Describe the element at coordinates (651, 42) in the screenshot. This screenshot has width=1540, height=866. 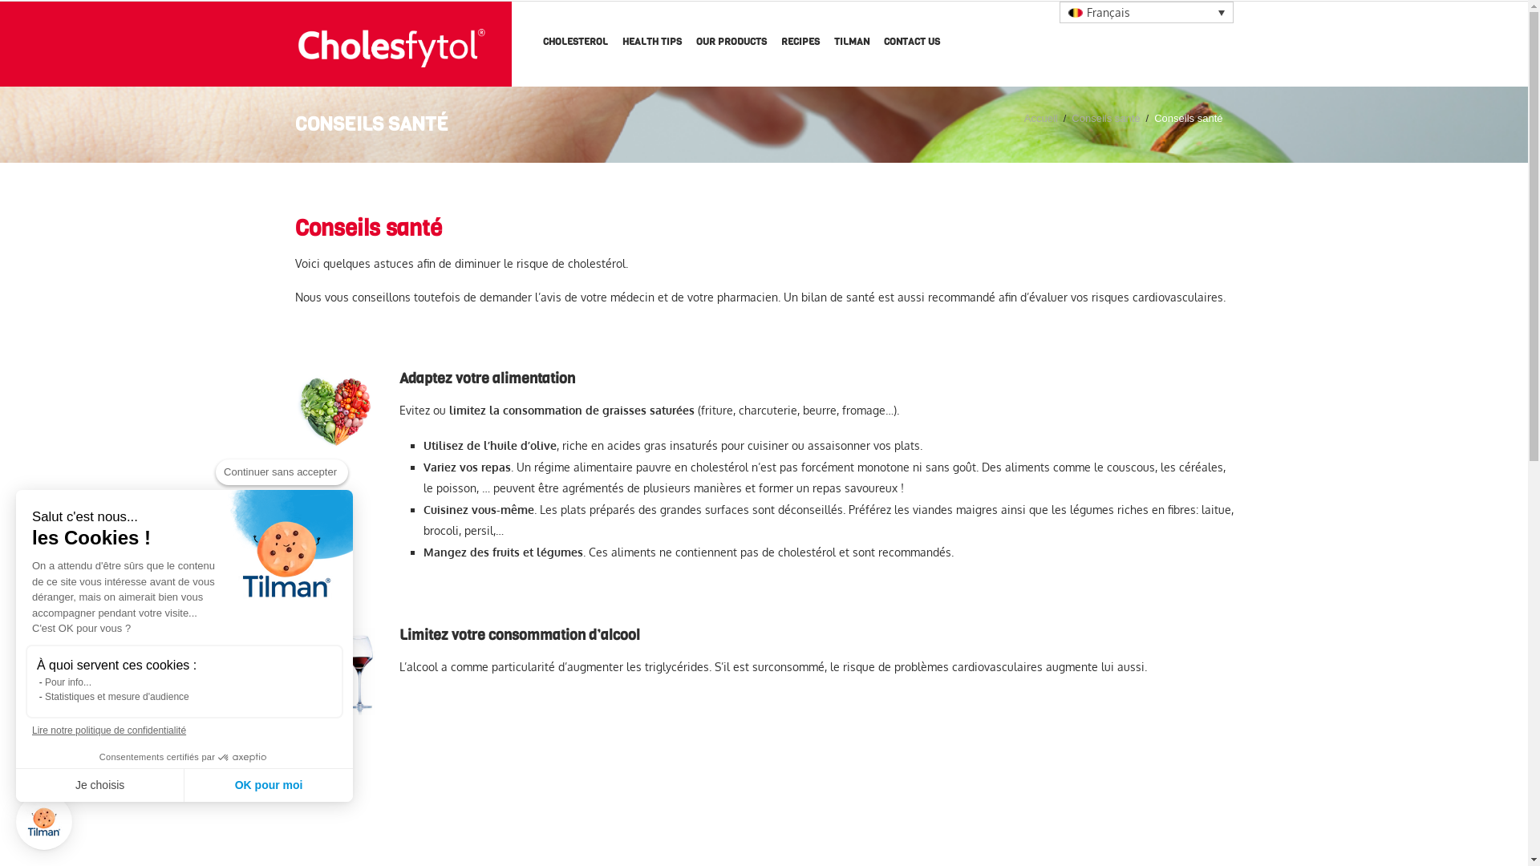
I see `'HEALTH TIPS'` at that location.